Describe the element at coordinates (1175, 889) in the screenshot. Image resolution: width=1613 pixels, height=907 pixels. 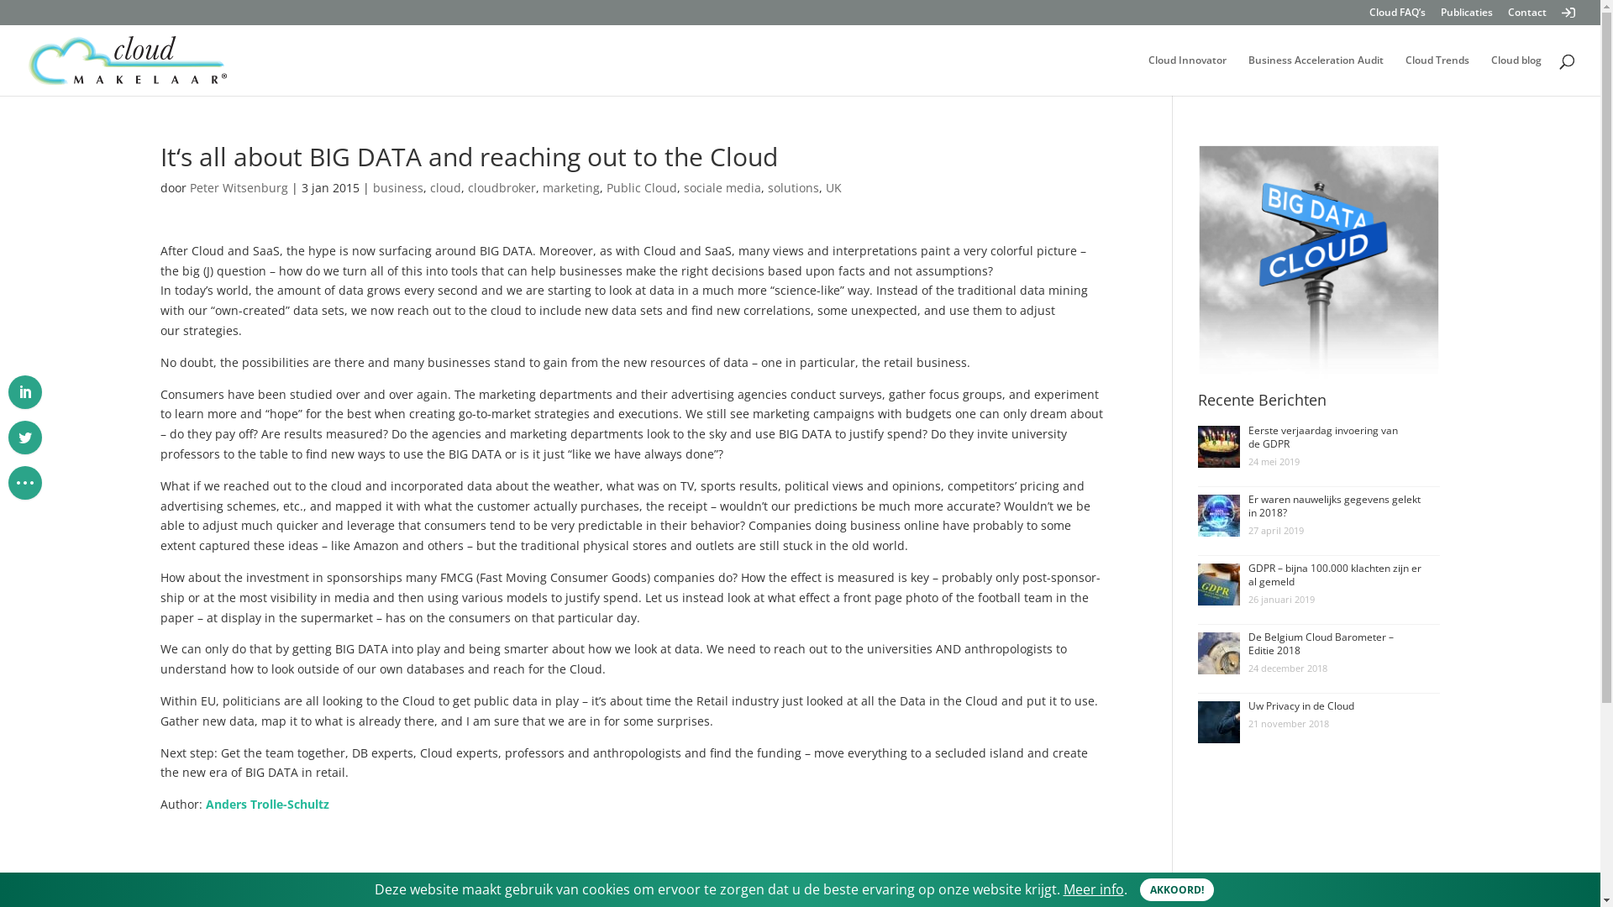
I see `'AKKOORD!'` at that location.